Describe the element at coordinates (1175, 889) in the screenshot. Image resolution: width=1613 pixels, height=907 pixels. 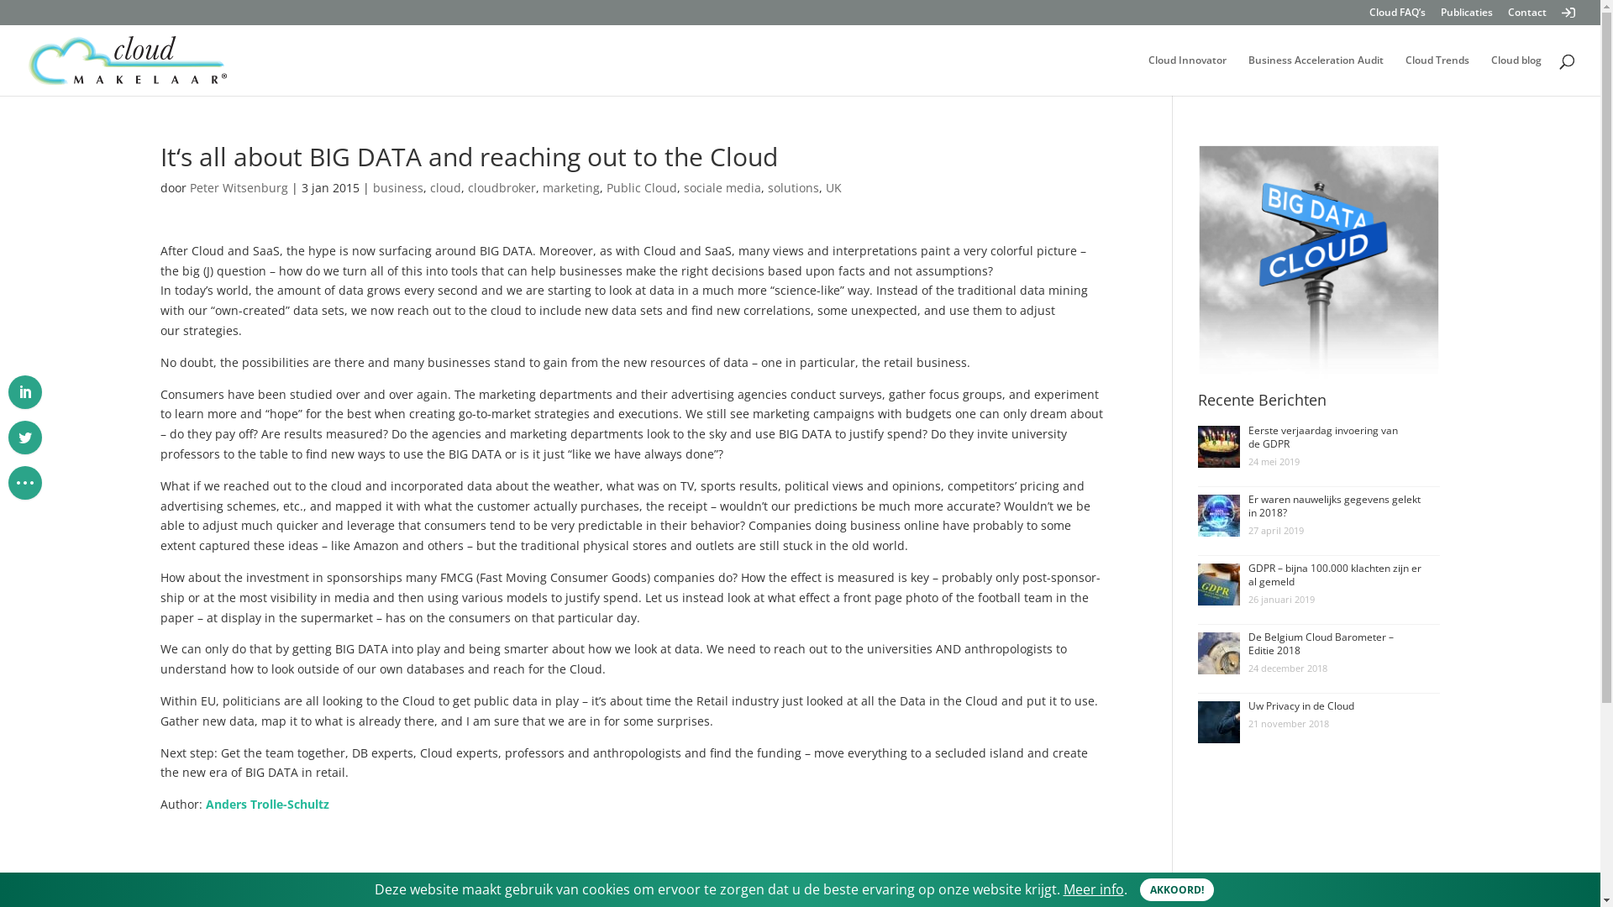
I see `'AKKOORD!'` at that location.